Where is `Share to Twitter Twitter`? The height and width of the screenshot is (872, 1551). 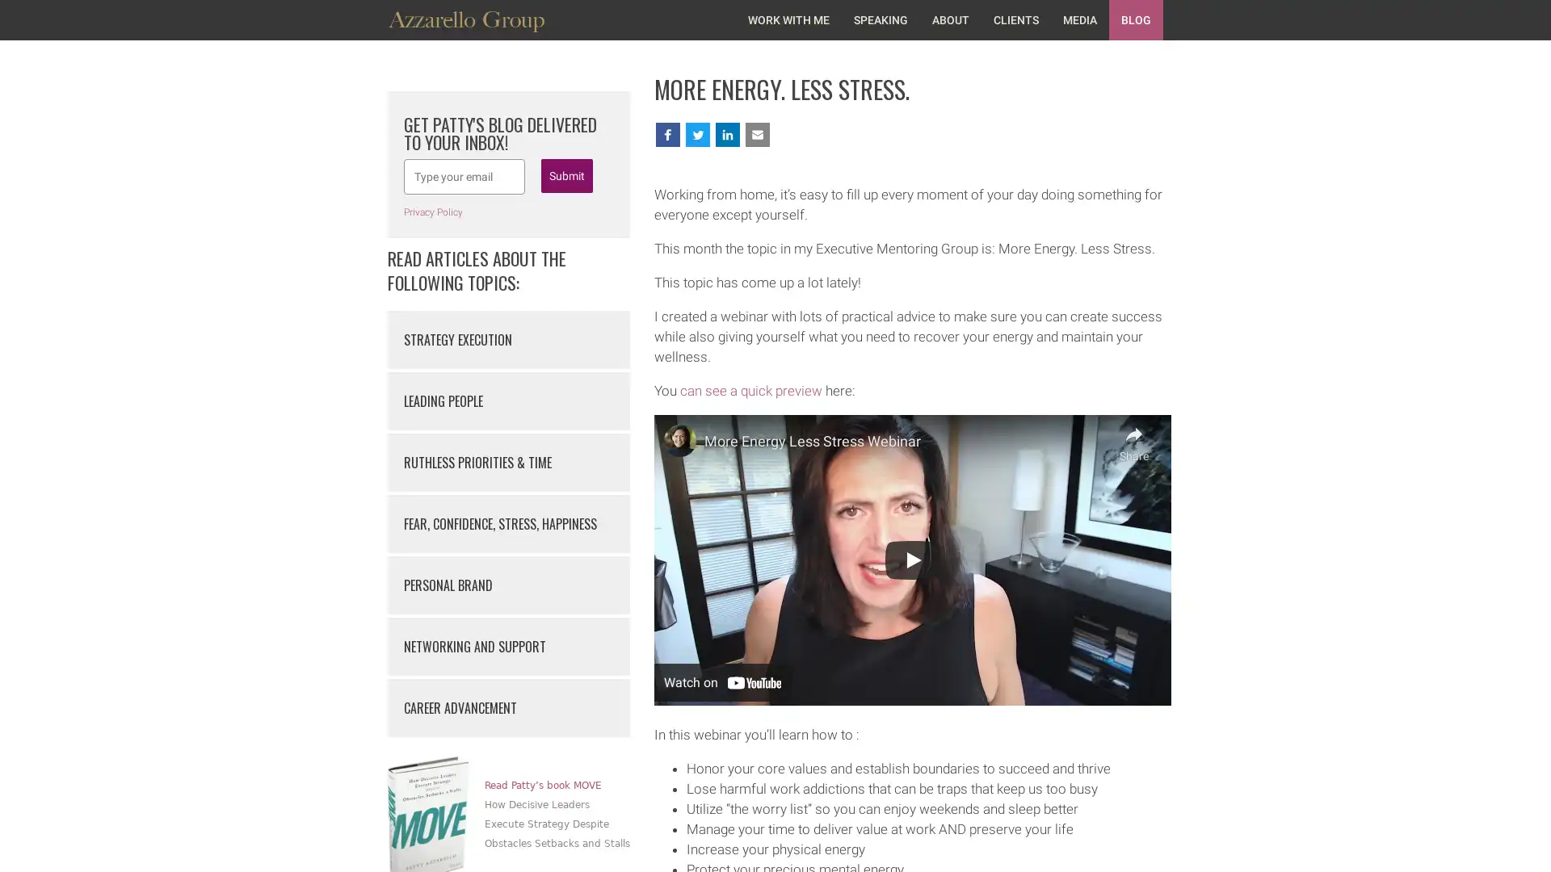 Share to Twitter Twitter is located at coordinates (776, 133).